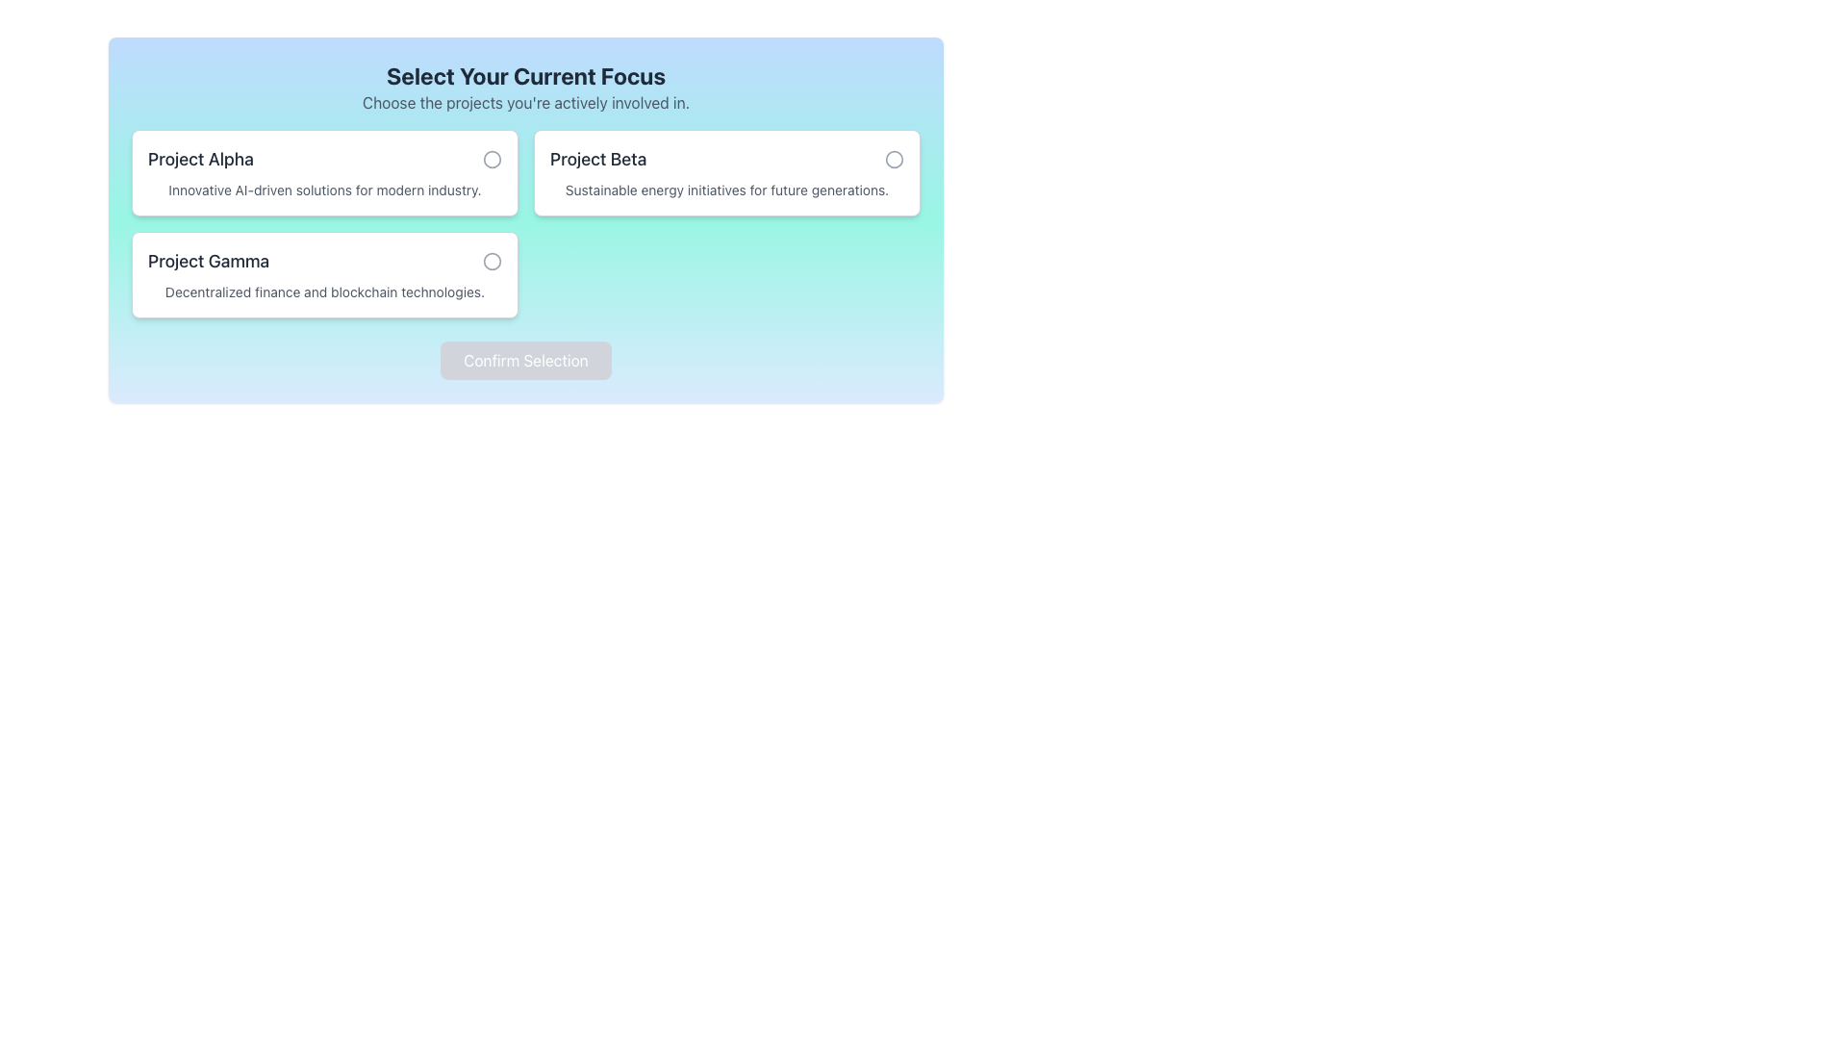 This screenshot has width=1847, height=1039. What do you see at coordinates (894, 158) in the screenshot?
I see `the Selectable Marker (Circle) for the 'Project Beta' option, which is a minimalistic circle with a thin border located on the right side of the selection box` at bounding box center [894, 158].